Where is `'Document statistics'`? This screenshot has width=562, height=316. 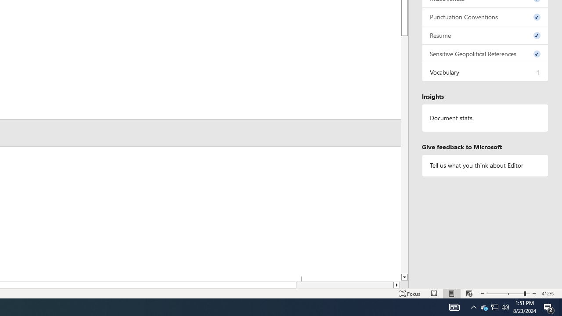 'Document statistics' is located at coordinates (485, 118).